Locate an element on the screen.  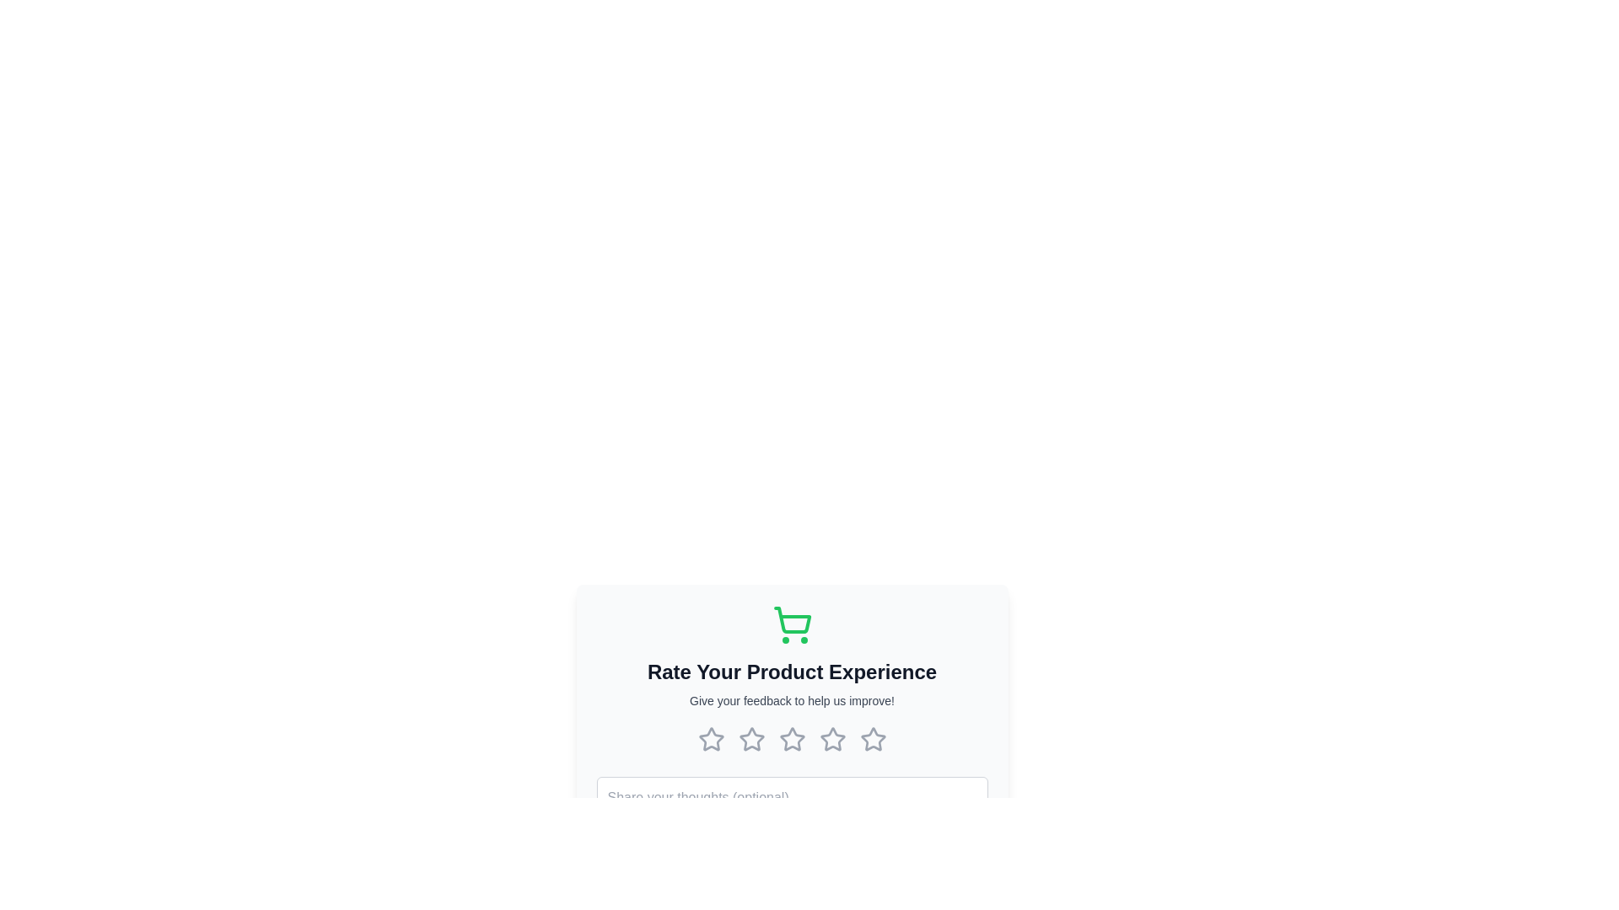
the bold header text in the feedback form, styled with a large font size and dark gray color, positioned below the green shopping cart icon is located at coordinates (791, 672).